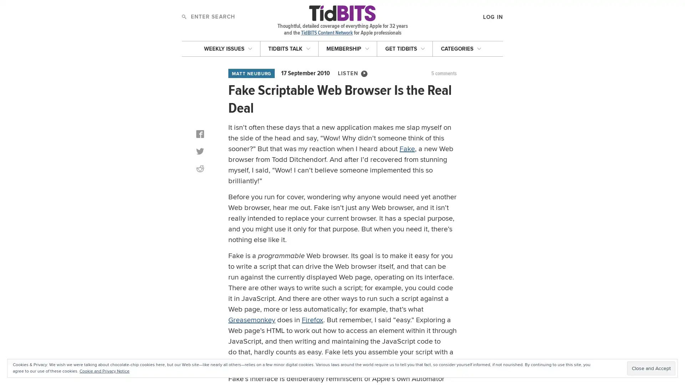  I want to click on Close and Accept, so click(651, 368).